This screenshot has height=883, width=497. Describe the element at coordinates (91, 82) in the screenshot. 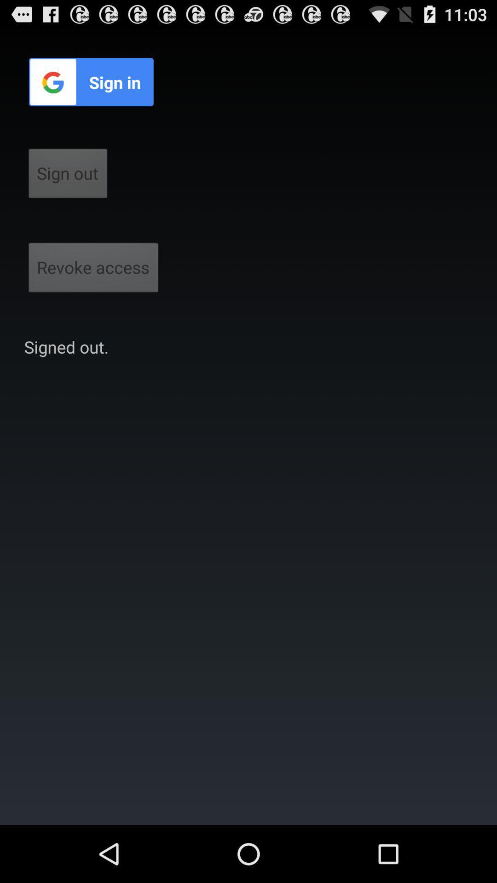

I see `sign in icon` at that location.